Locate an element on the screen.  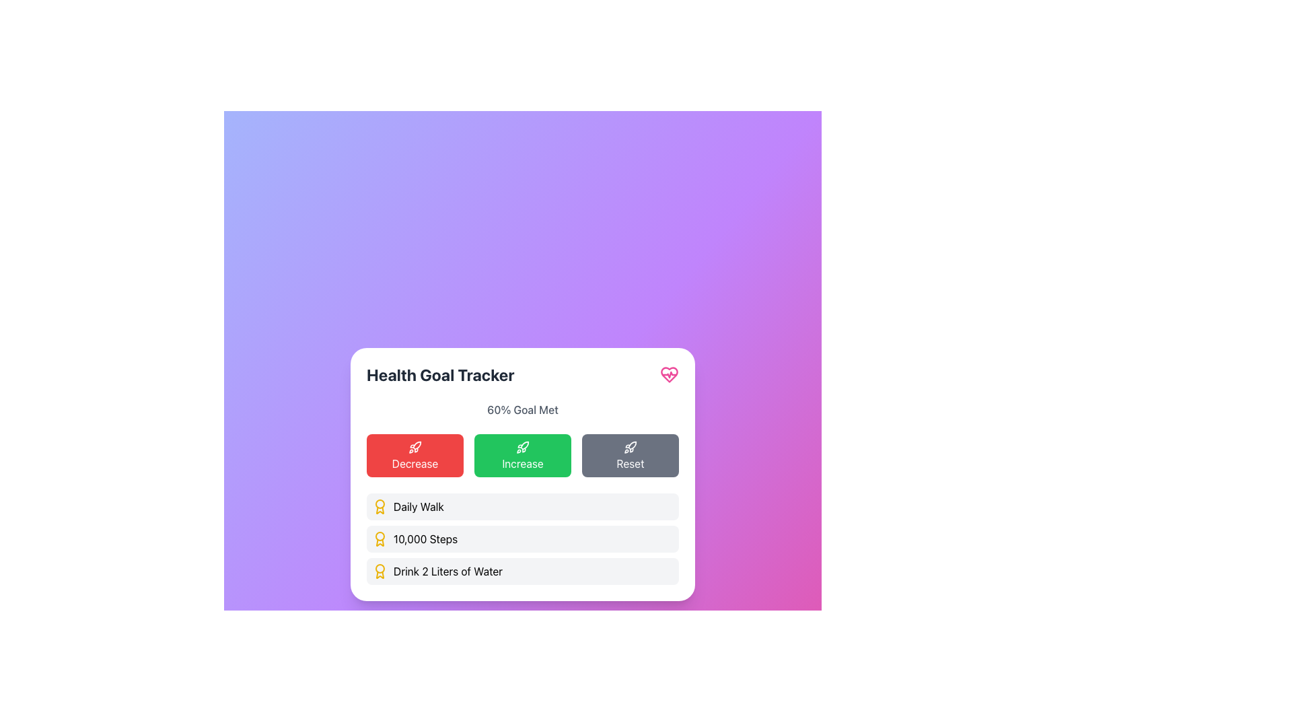
the 'Decrease' button in the 'Health Goal Tracker' widget is located at coordinates (415, 455).